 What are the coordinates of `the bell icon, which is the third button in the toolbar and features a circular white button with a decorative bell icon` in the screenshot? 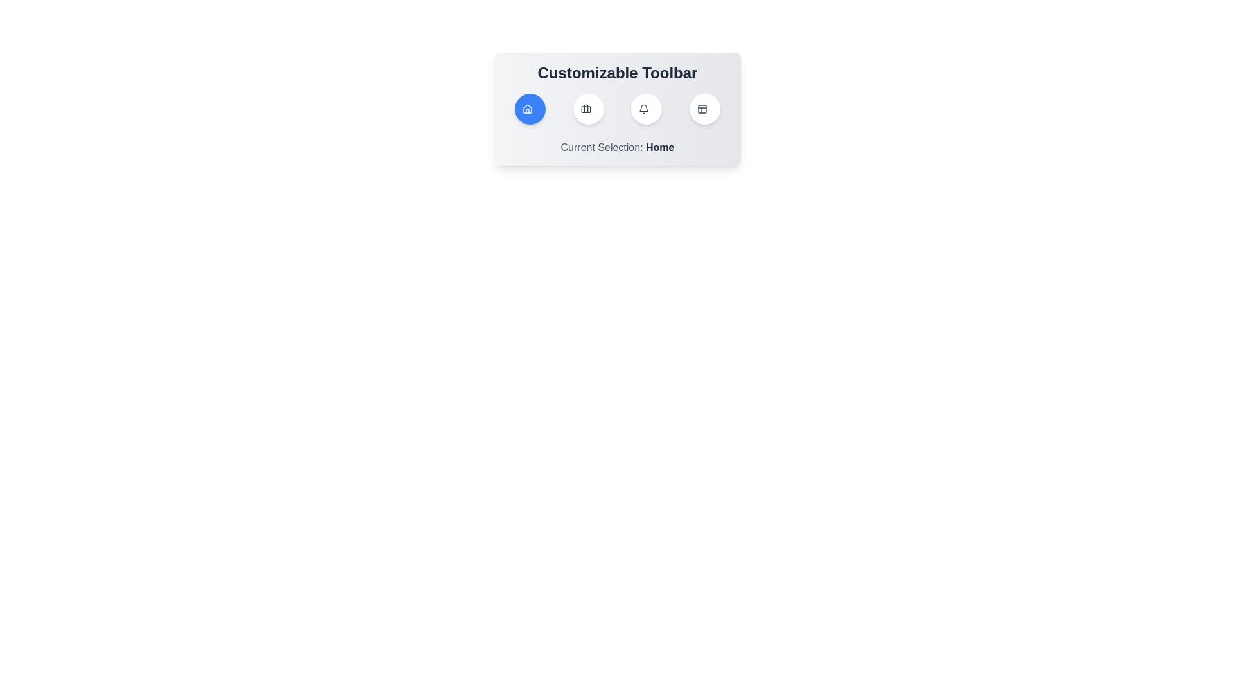 It's located at (644, 108).